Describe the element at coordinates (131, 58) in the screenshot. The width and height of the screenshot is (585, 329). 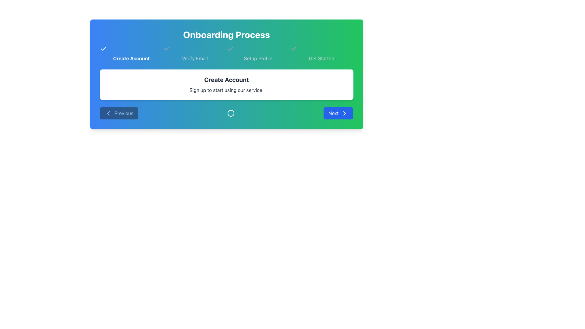
I see `the text label indicating the current step in the onboarding process, which is positioned as the first step in the sequence of steps in the navigation bar` at that location.